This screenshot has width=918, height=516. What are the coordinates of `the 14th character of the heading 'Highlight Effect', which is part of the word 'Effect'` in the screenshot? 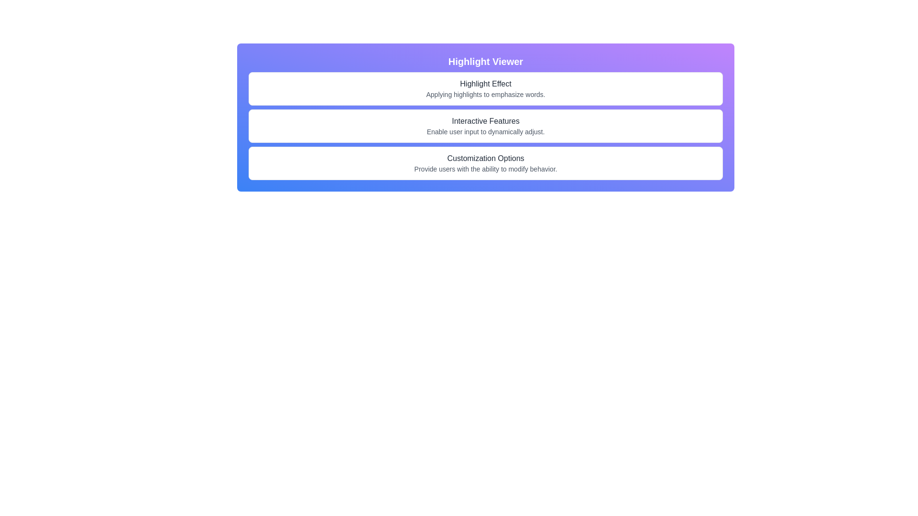 It's located at (503, 83).